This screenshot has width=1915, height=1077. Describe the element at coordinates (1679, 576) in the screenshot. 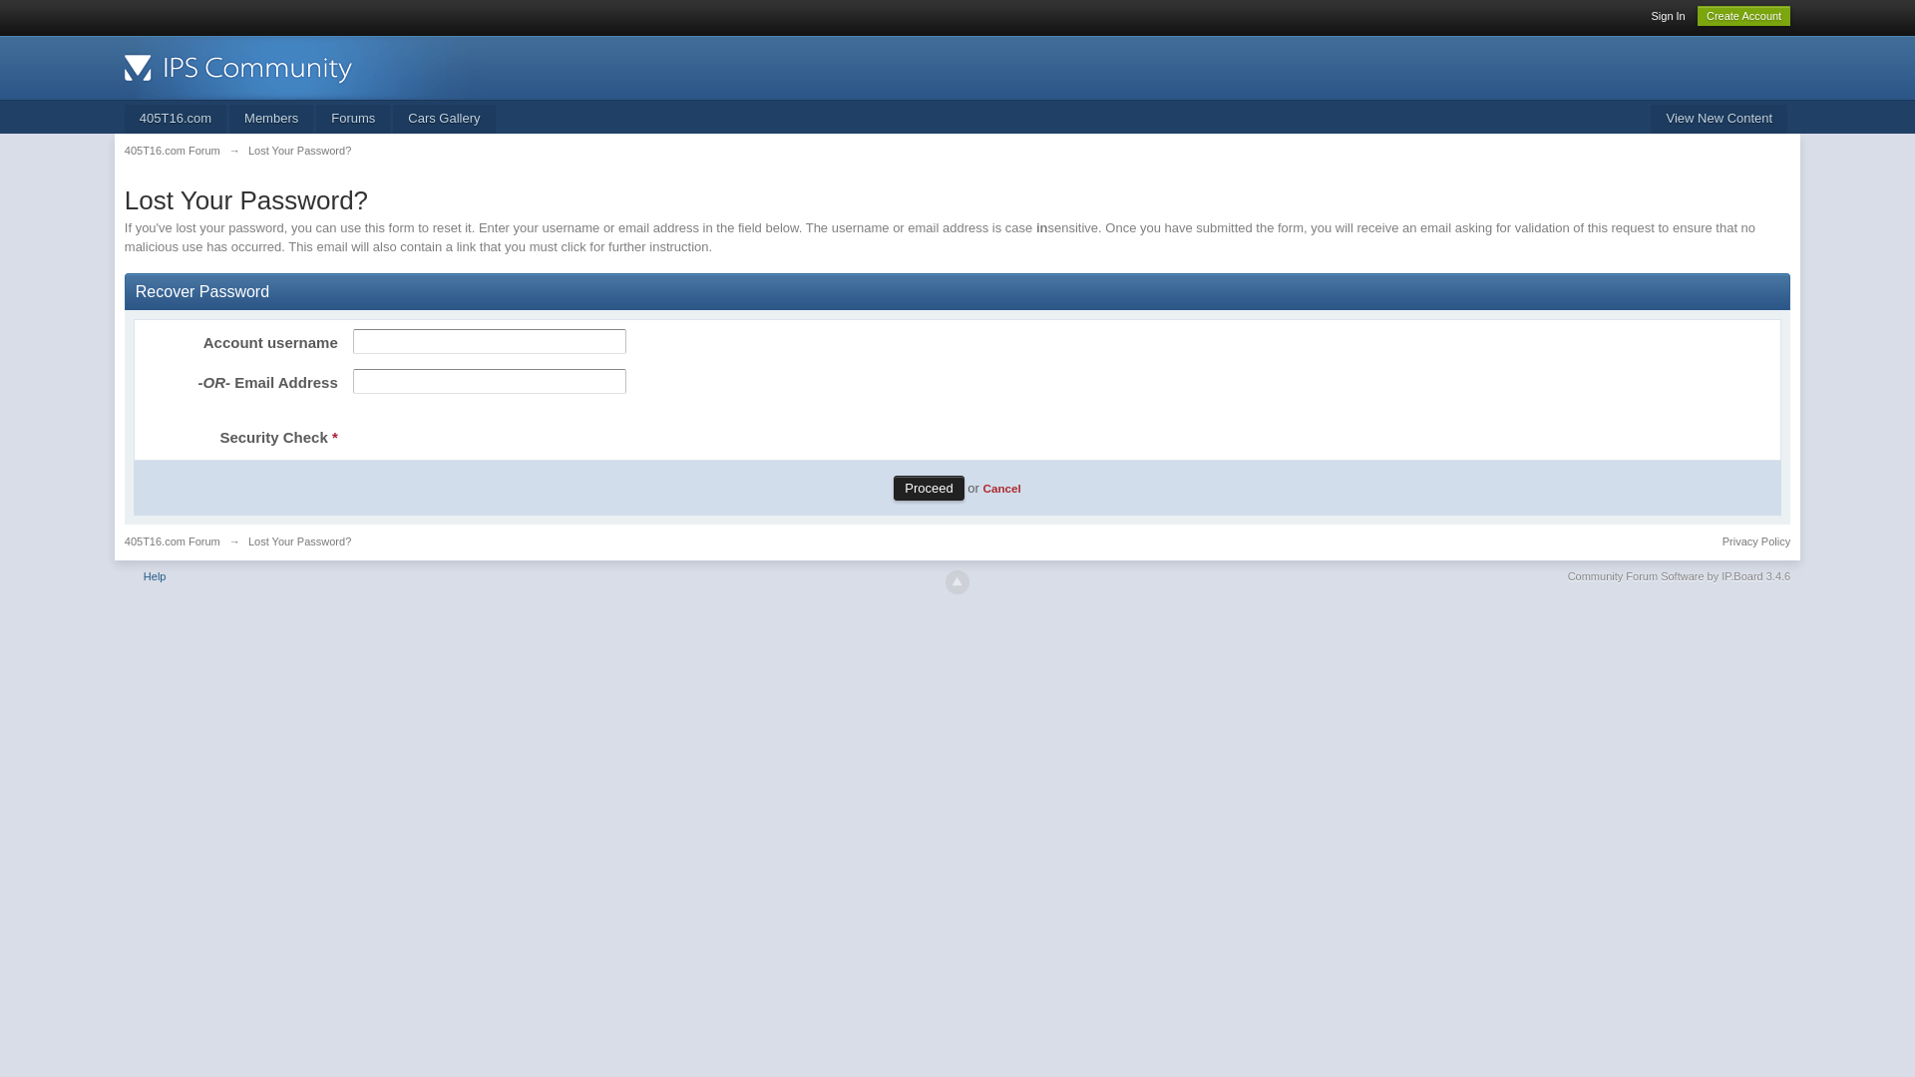

I see `'Community Forum Software by IP.Board 3.4.6'` at that location.